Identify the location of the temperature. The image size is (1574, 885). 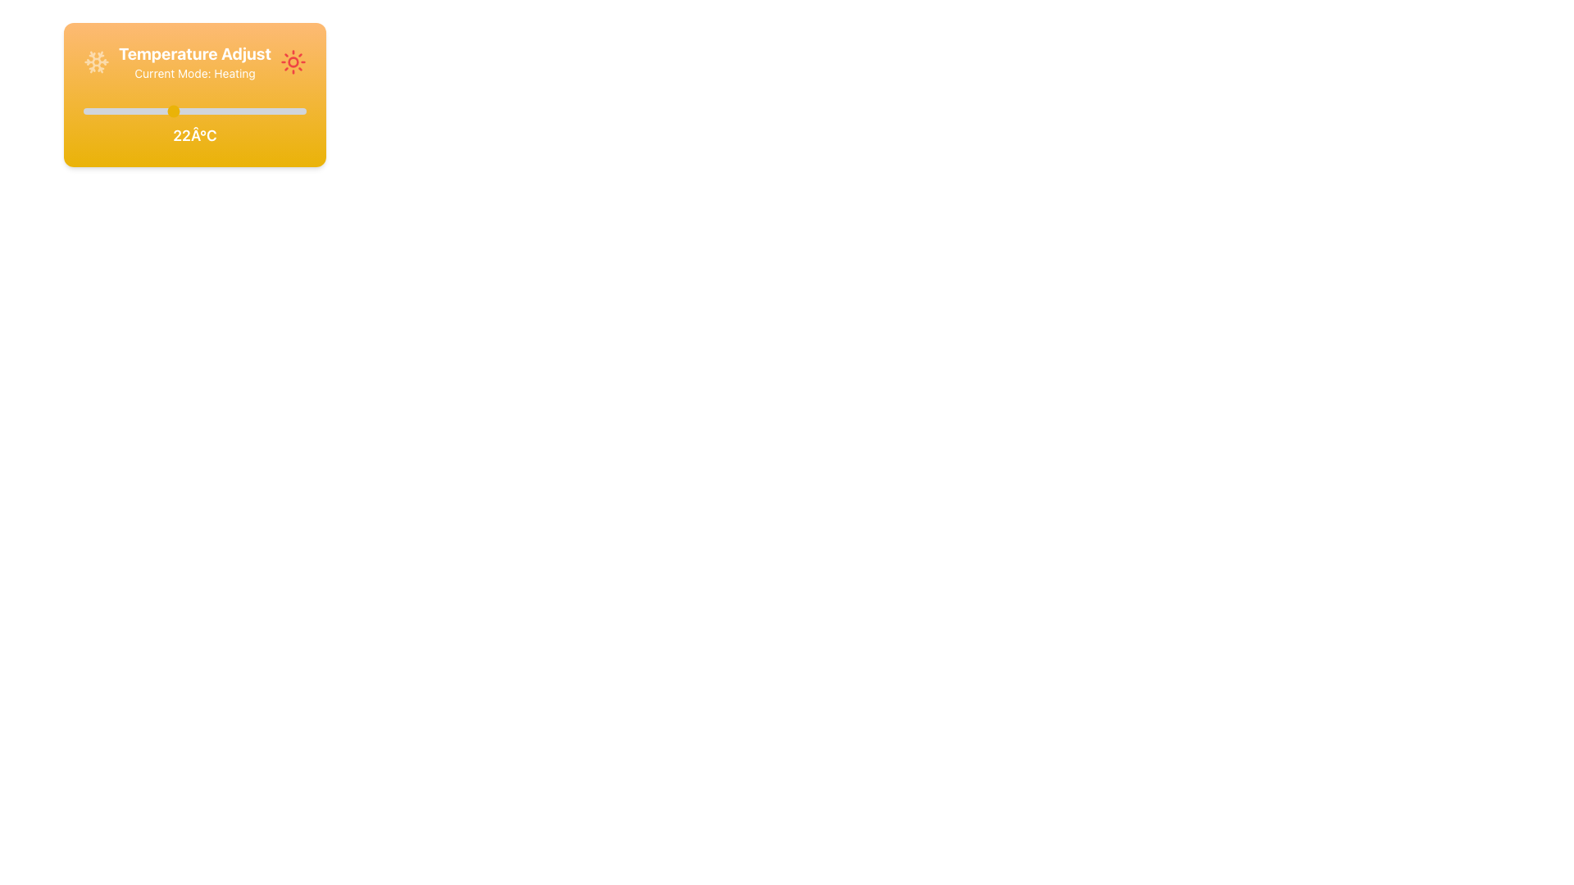
(261, 111).